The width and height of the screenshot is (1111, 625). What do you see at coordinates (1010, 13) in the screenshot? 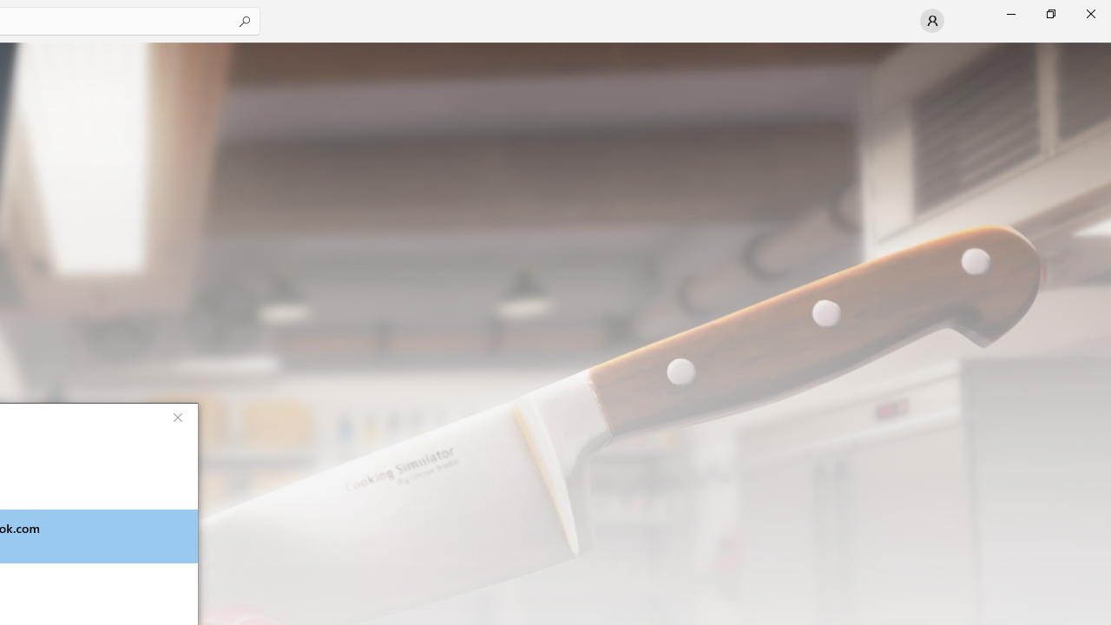
I see `'Minimize Microsoft Store'` at bounding box center [1010, 13].